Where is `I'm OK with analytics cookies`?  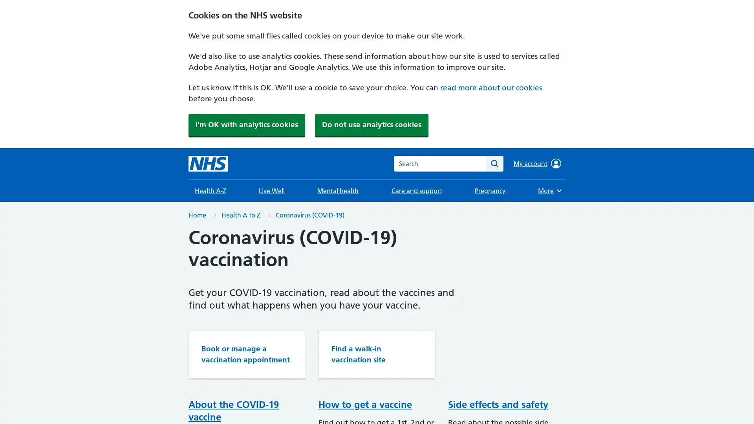
I'm OK with analytics cookies is located at coordinates (246, 124).